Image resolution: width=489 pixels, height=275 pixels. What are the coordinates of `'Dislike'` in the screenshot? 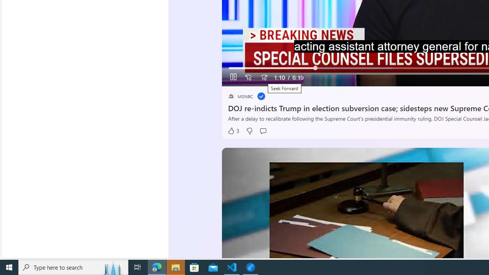 It's located at (249, 131).